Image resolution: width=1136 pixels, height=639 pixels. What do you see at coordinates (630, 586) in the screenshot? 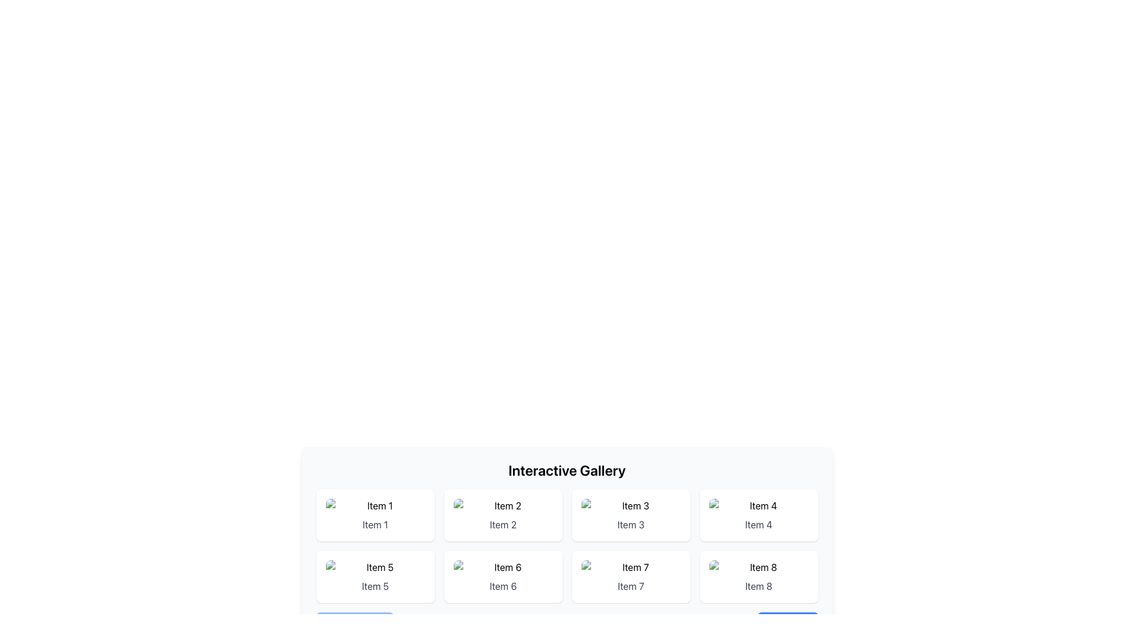
I see `the text element labeled 'Item 7', which is located below the image in the third row and third column of the interactive gallery's grid layout` at bounding box center [630, 586].